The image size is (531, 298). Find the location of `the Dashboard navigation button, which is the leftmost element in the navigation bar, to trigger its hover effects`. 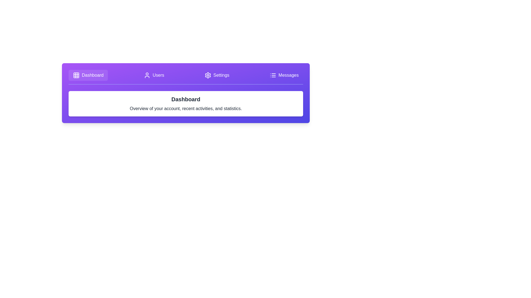

the Dashboard navigation button, which is the leftmost element in the navigation bar, to trigger its hover effects is located at coordinates (88, 75).